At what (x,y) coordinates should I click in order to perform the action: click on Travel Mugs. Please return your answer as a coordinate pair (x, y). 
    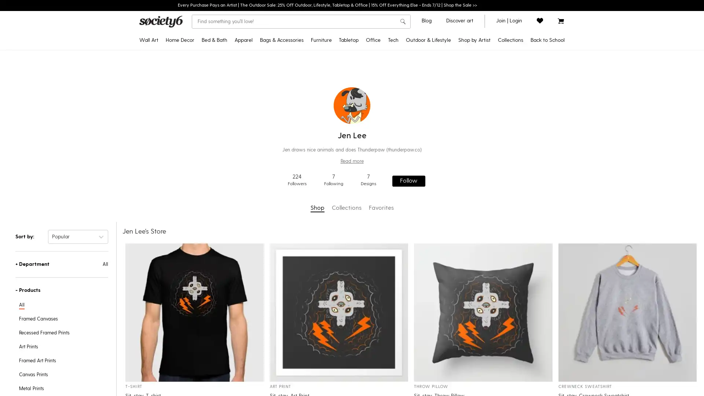
    Looking at the image, I should click on (362, 70).